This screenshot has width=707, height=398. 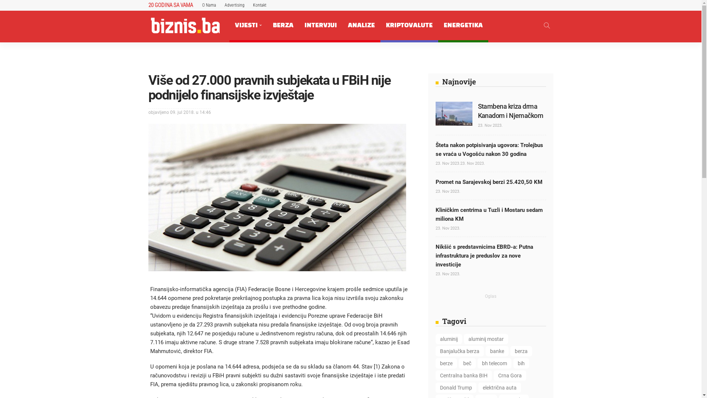 I want to click on 'Promet na Sarajevskoj berzi 25.420,50 KM', so click(x=488, y=182).